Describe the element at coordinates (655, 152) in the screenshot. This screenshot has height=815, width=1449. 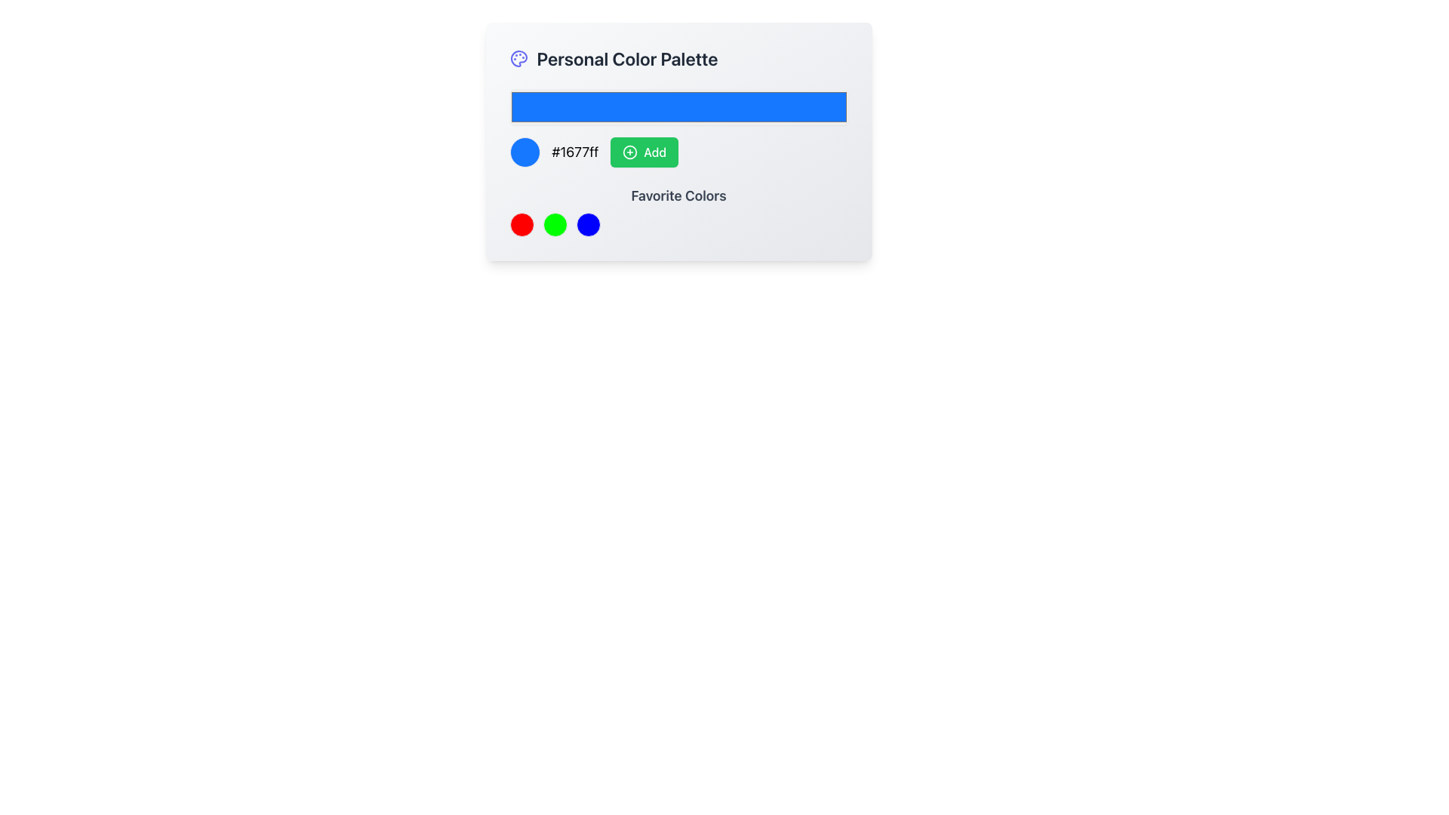
I see `the 'Add' button text label` at that location.